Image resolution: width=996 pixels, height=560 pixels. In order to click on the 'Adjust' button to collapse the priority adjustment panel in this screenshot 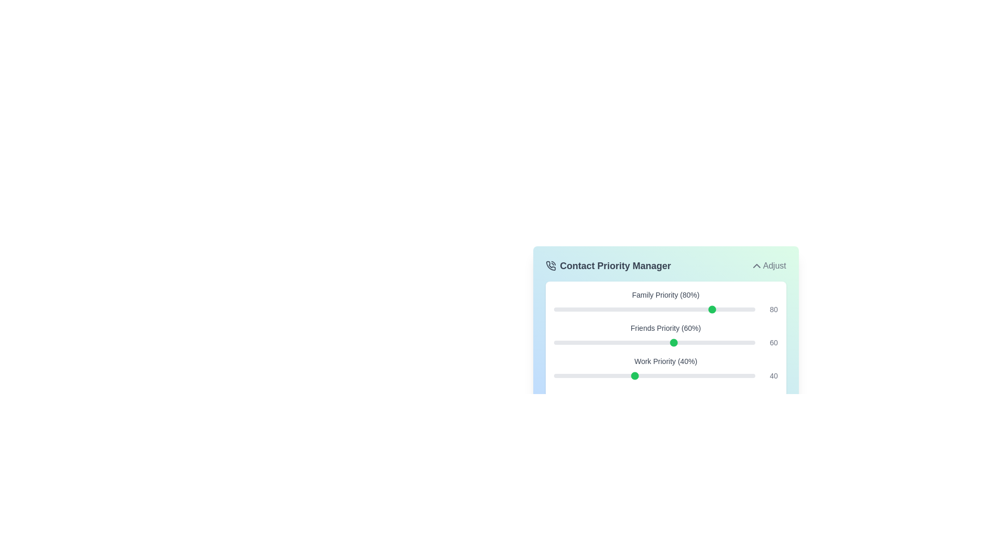, I will do `click(768, 265)`.